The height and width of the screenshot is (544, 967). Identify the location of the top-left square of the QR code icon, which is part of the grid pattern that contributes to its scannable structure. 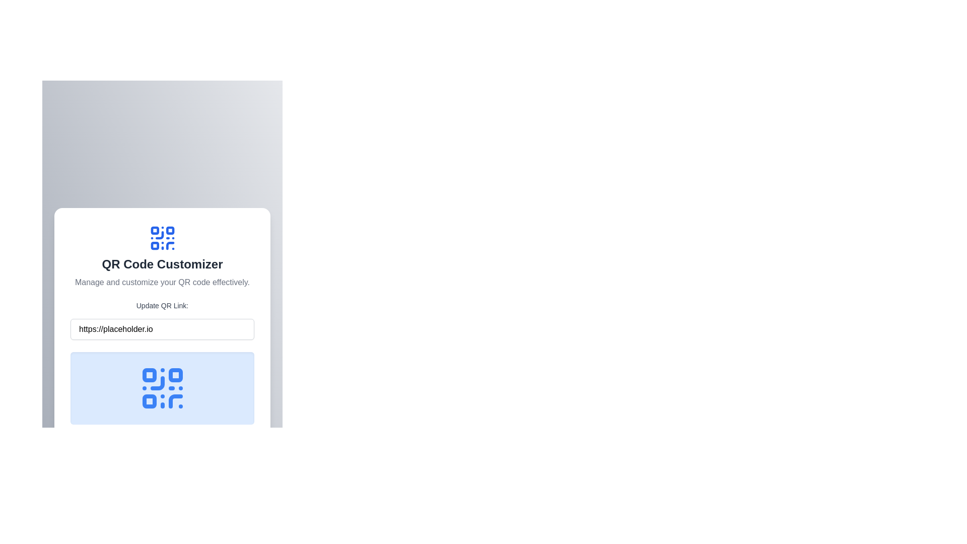
(149, 375).